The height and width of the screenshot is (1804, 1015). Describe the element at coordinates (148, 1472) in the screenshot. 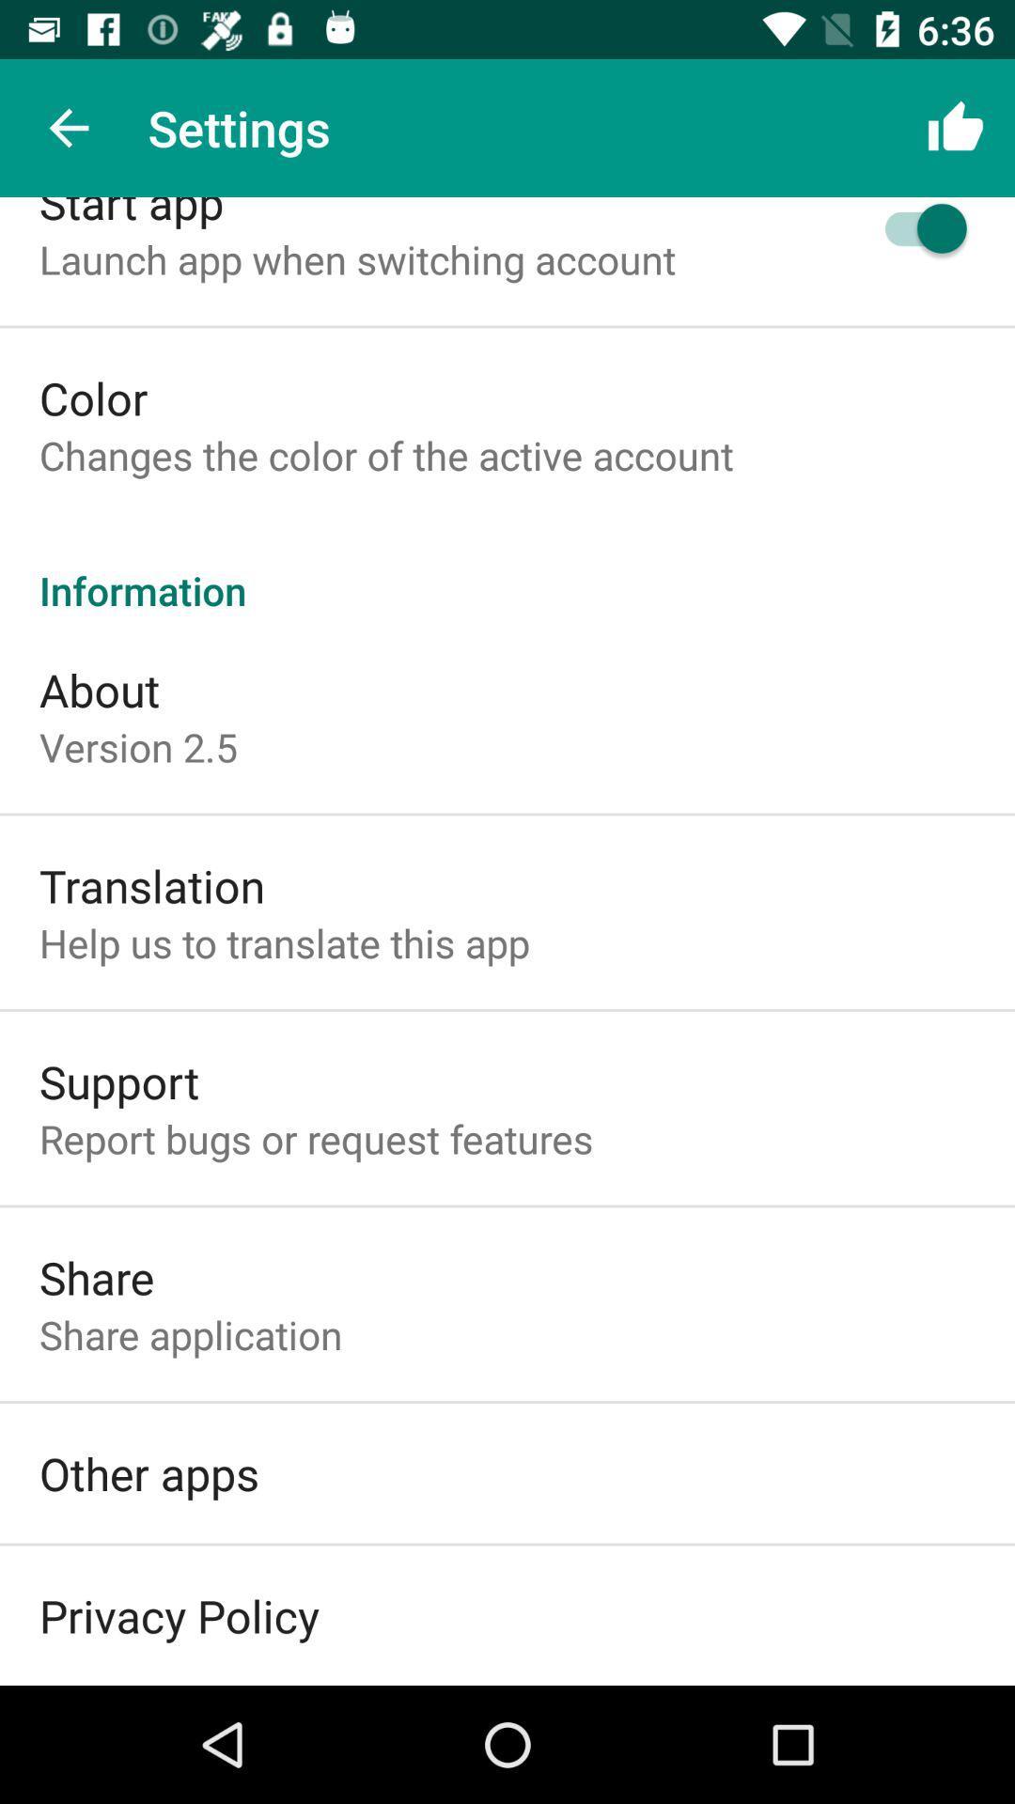

I see `the other apps icon` at that location.